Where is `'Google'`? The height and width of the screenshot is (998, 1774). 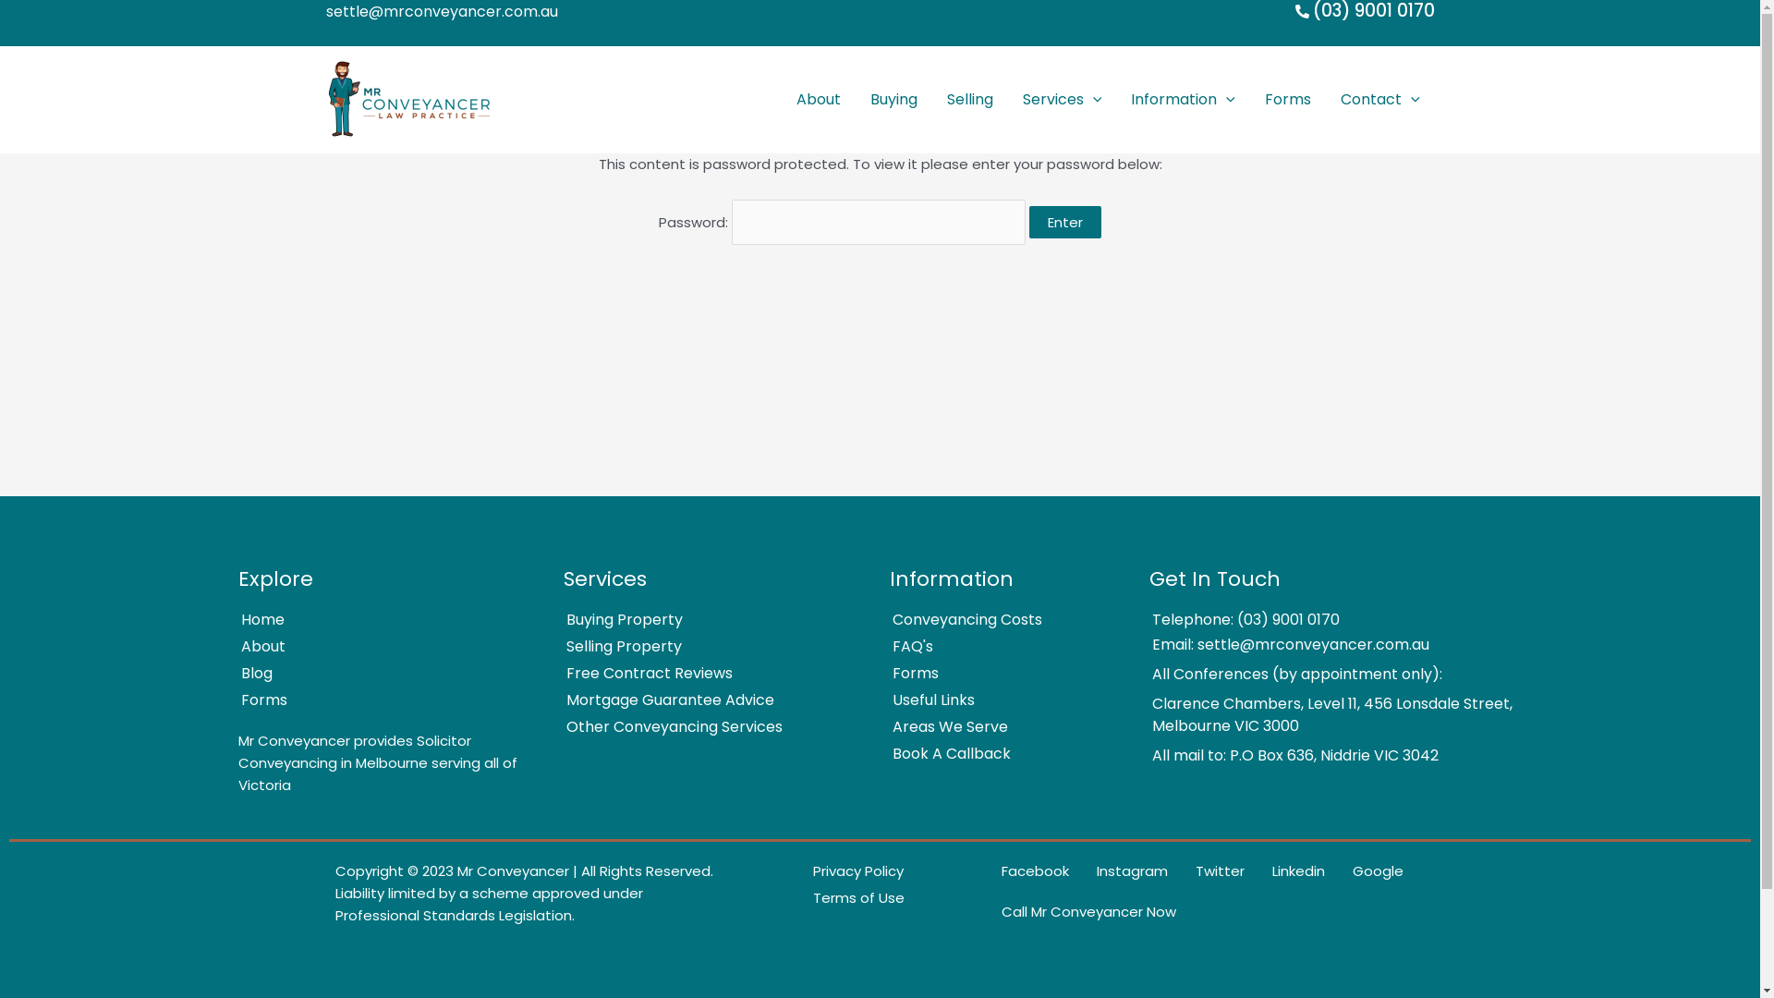 'Google' is located at coordinates (1366, 870).